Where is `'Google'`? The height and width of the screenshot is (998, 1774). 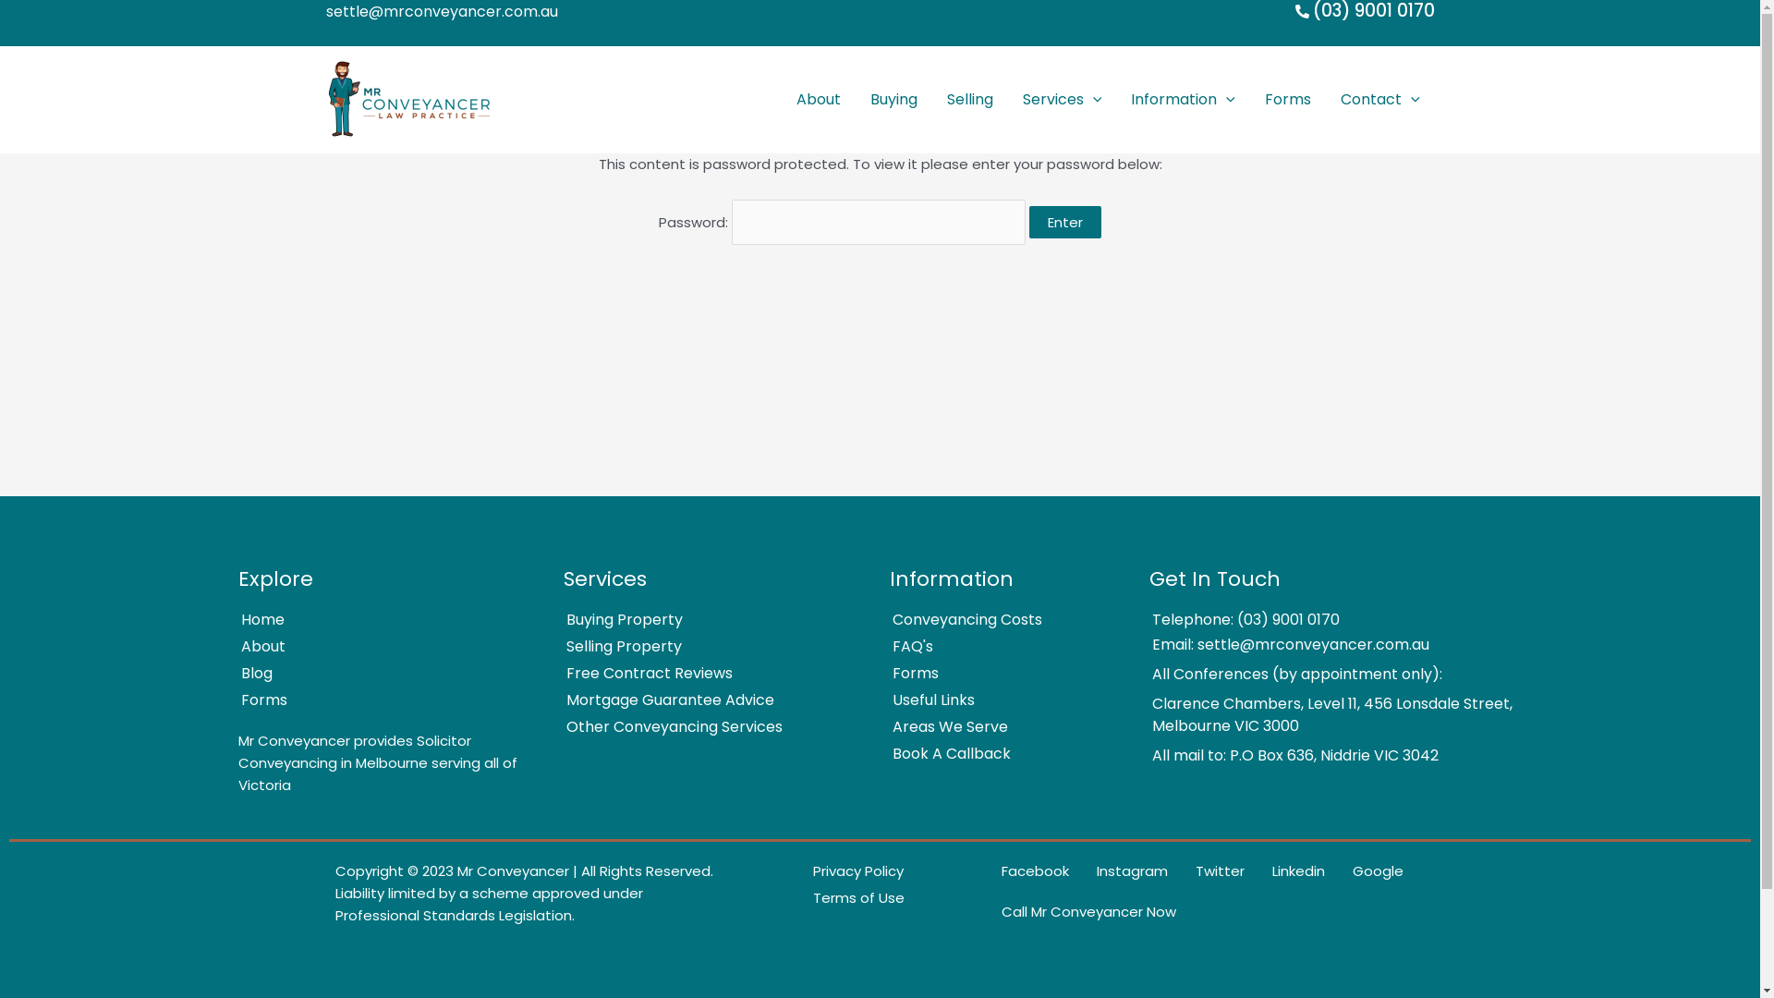 'Google' is located at coordinates (1366, 870).